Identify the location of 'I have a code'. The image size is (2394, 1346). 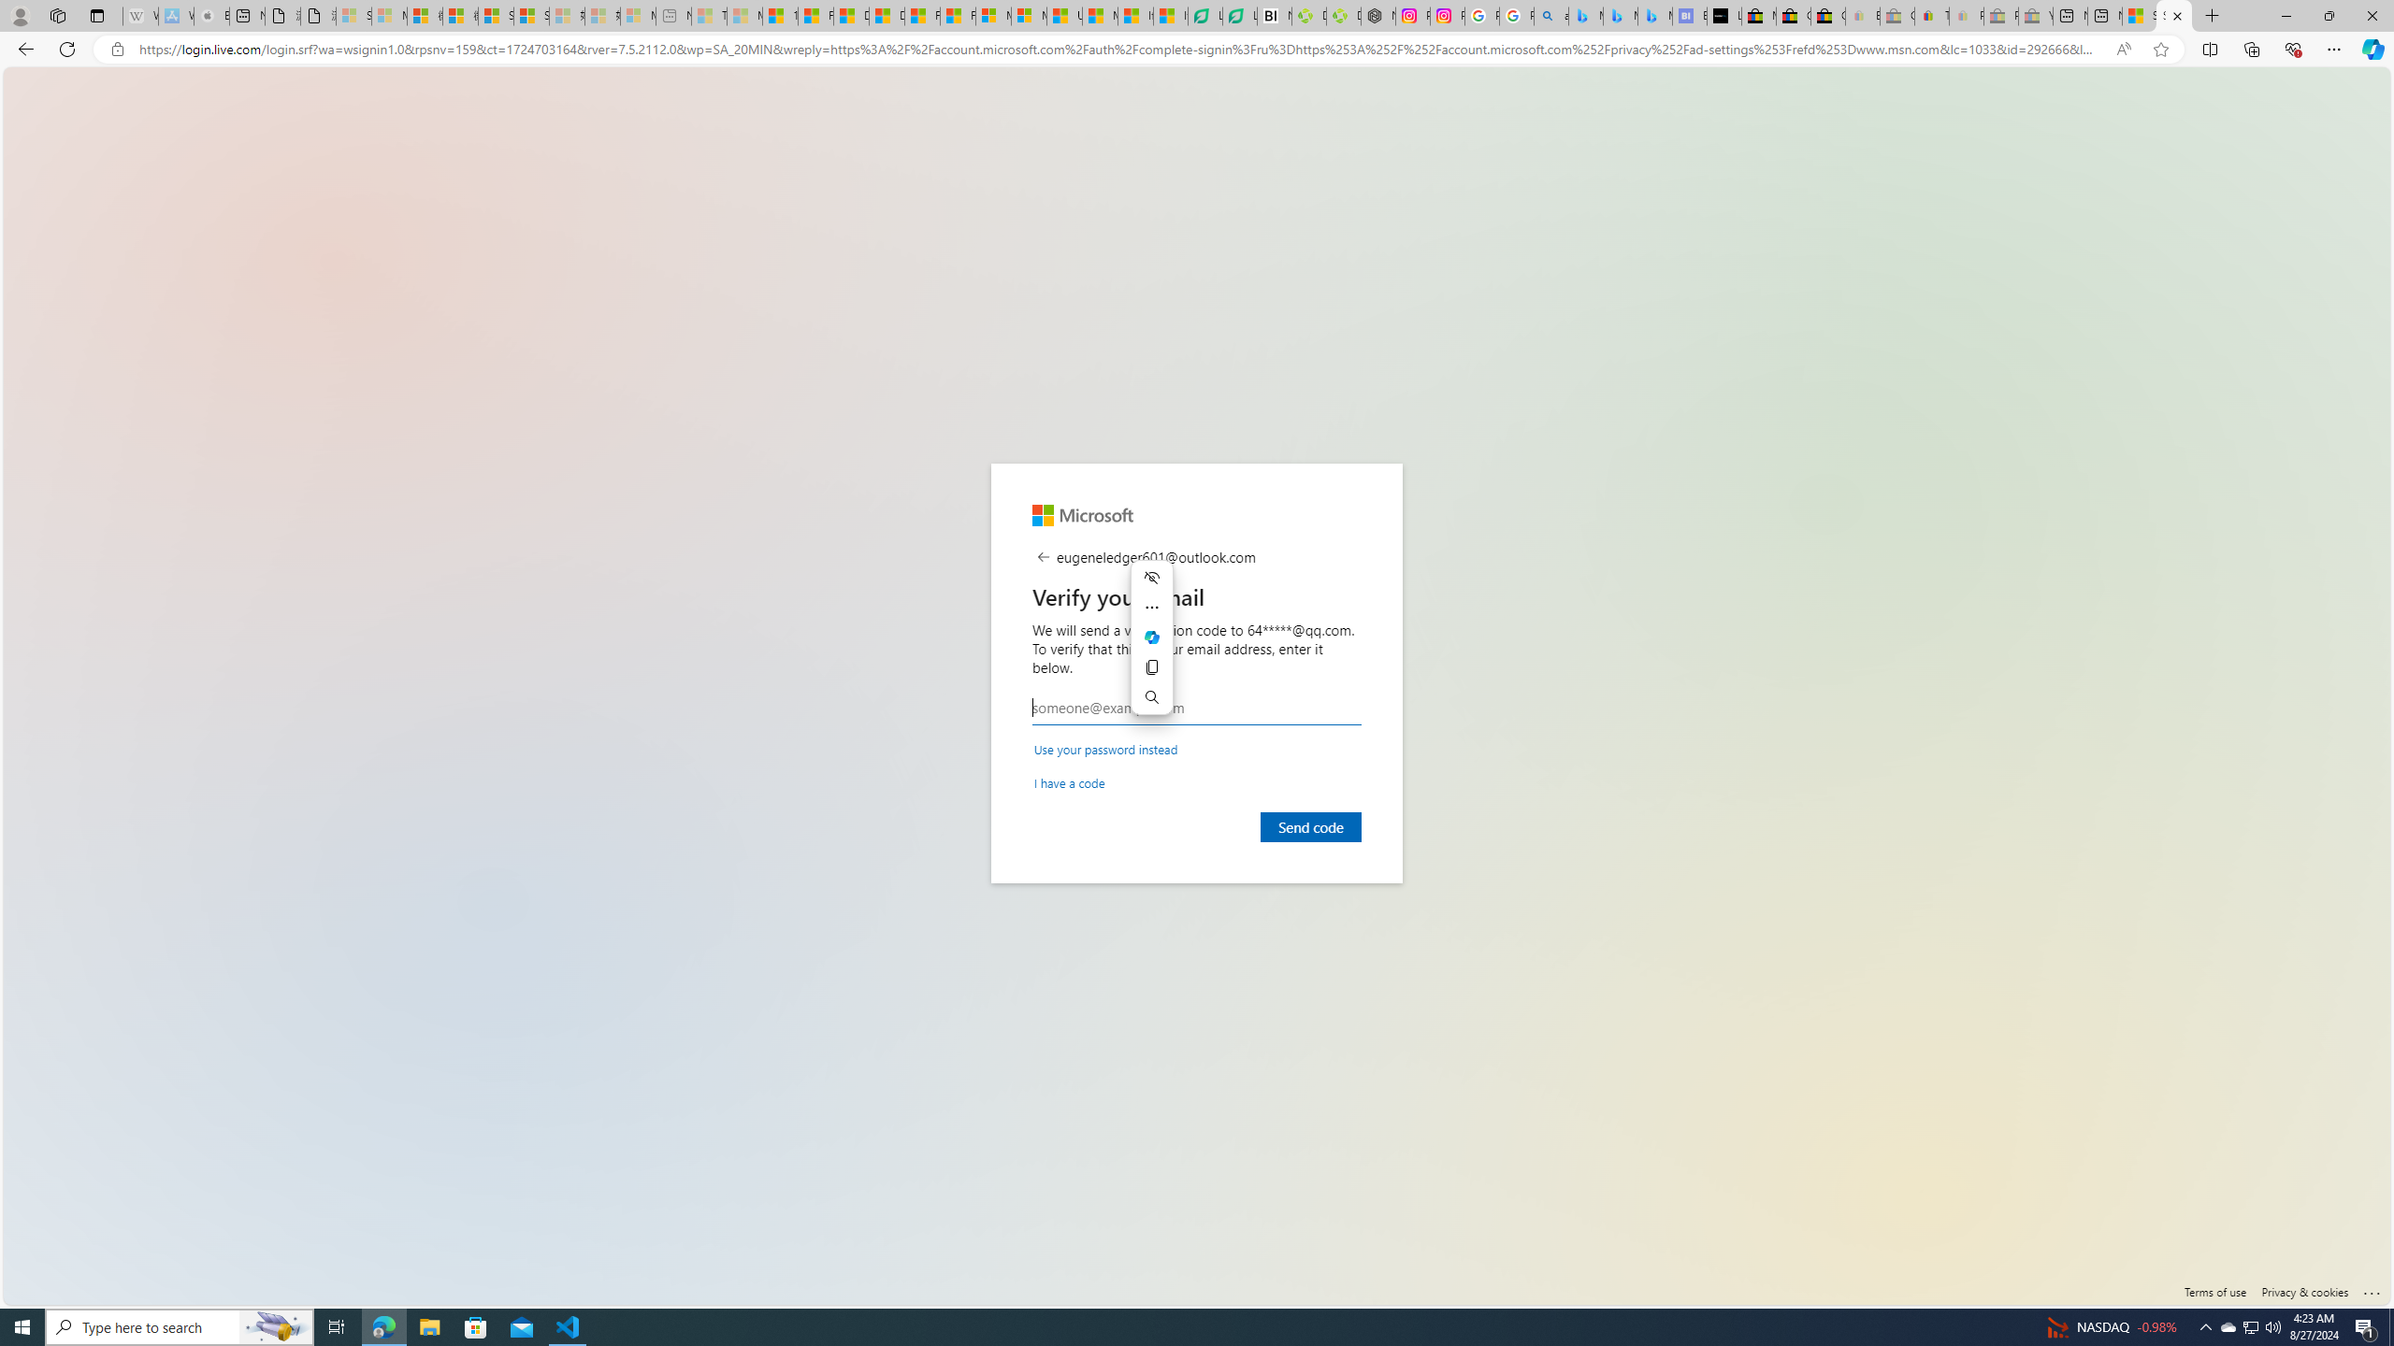
(1070, 781).